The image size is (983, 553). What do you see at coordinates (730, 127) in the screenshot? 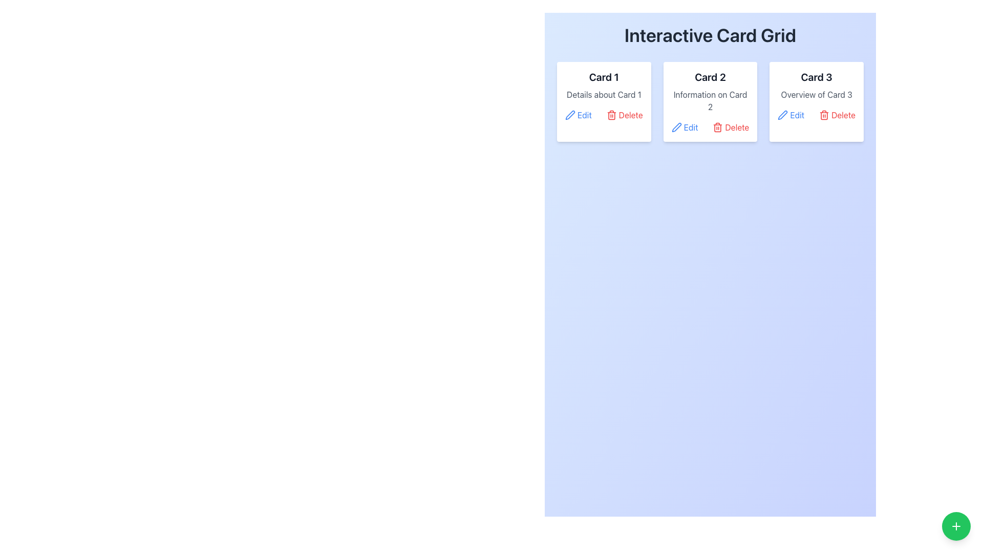
I see `the delete button located in the bottom right corner of 'Card 2'` at bounding box center [730, 127].